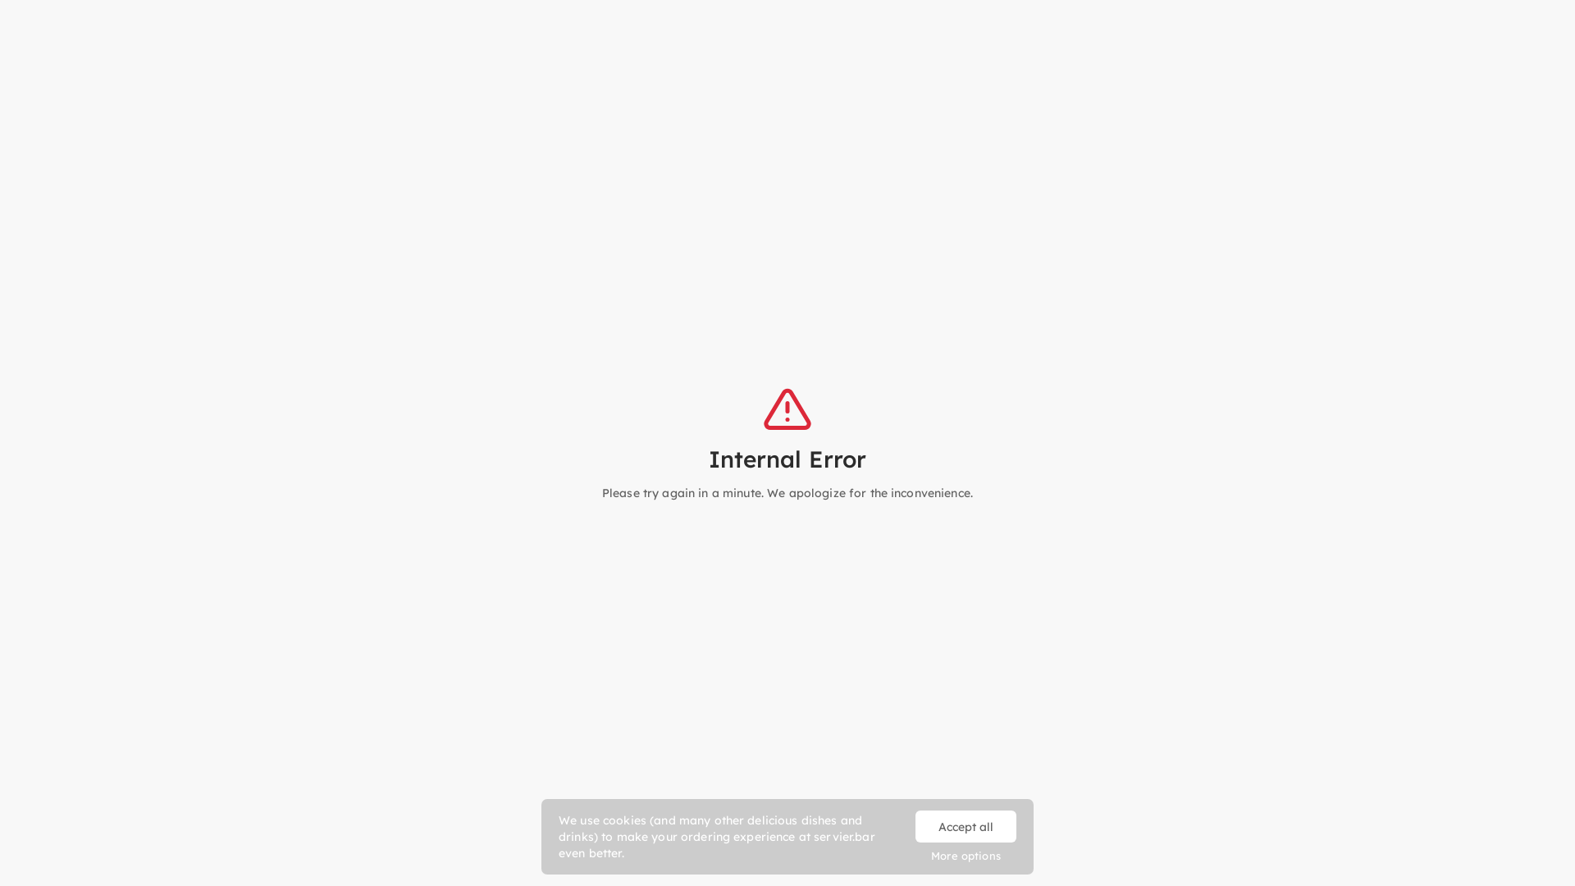 The width and height of the screenshot is (1575, 886). Describe the element at coordinates (966, 826) in the screenshot. I see `'Accept all'` at that location.